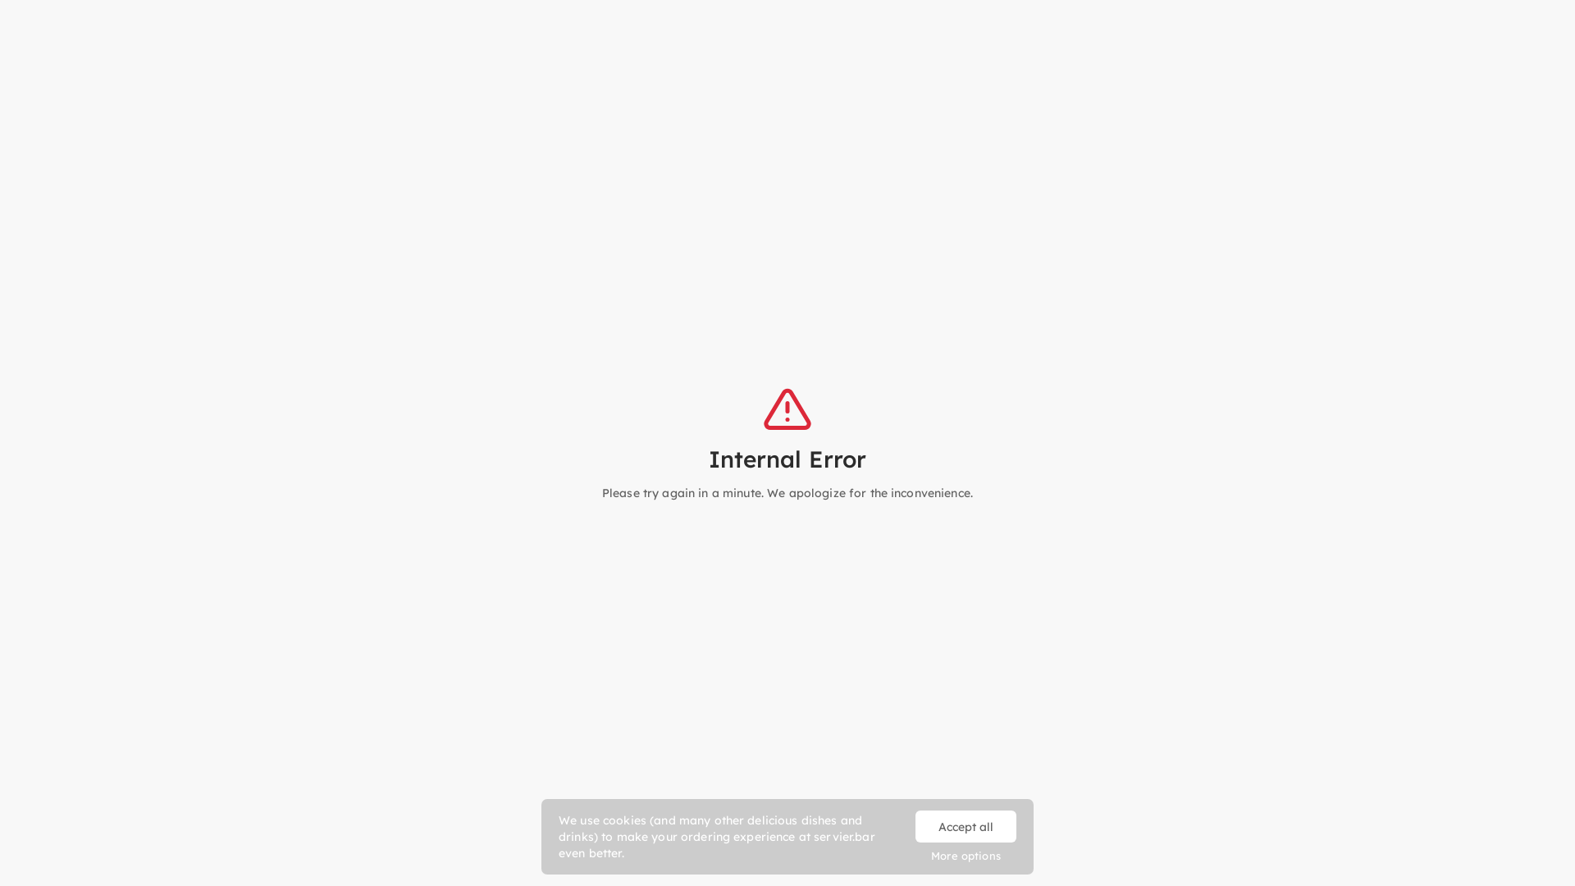 The width and height of the screenshot is (1575, 886). Describe the element at coordinates (966, 826) in the screenshot. I see `'Accept all'` at that location.